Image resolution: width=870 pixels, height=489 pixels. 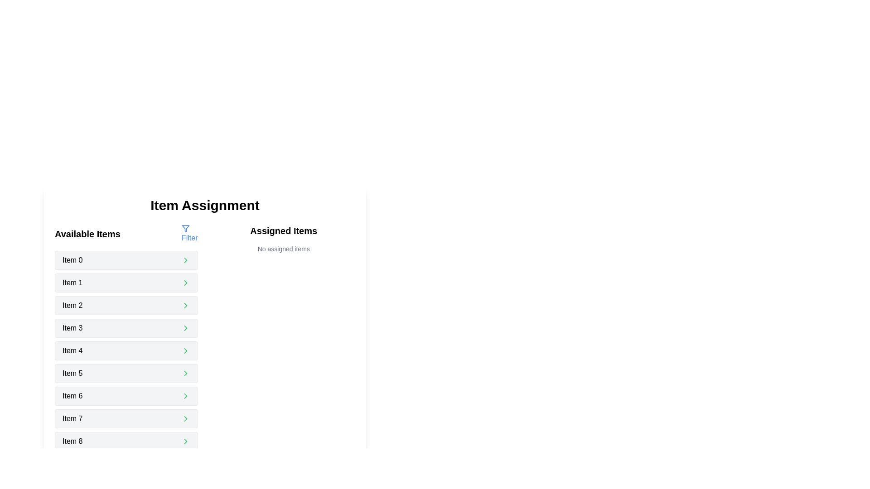 What do you see at coordinates (185, 328) in the screenshot?
I see `the chevron icon located in the fourth 'Item 3' list item card` at bounding box center [185, 328].